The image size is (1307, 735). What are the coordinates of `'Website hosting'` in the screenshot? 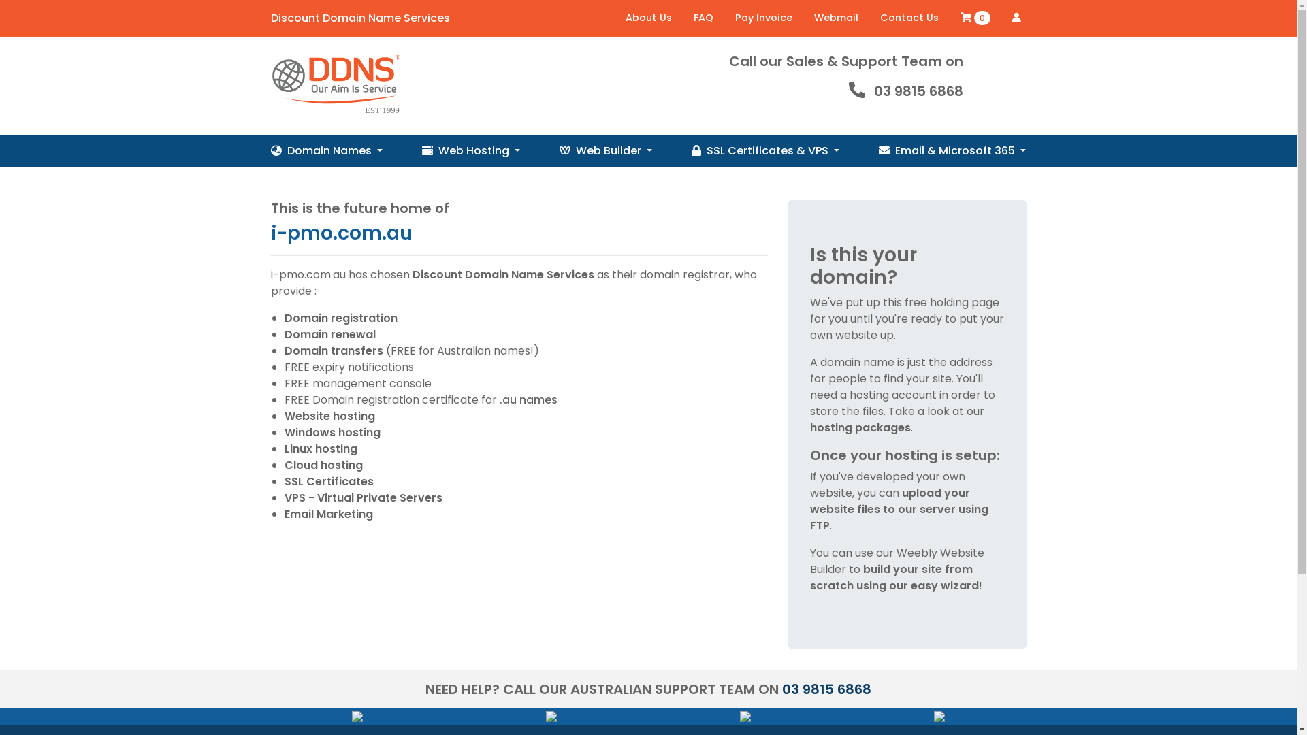 It's located at (283, 415).